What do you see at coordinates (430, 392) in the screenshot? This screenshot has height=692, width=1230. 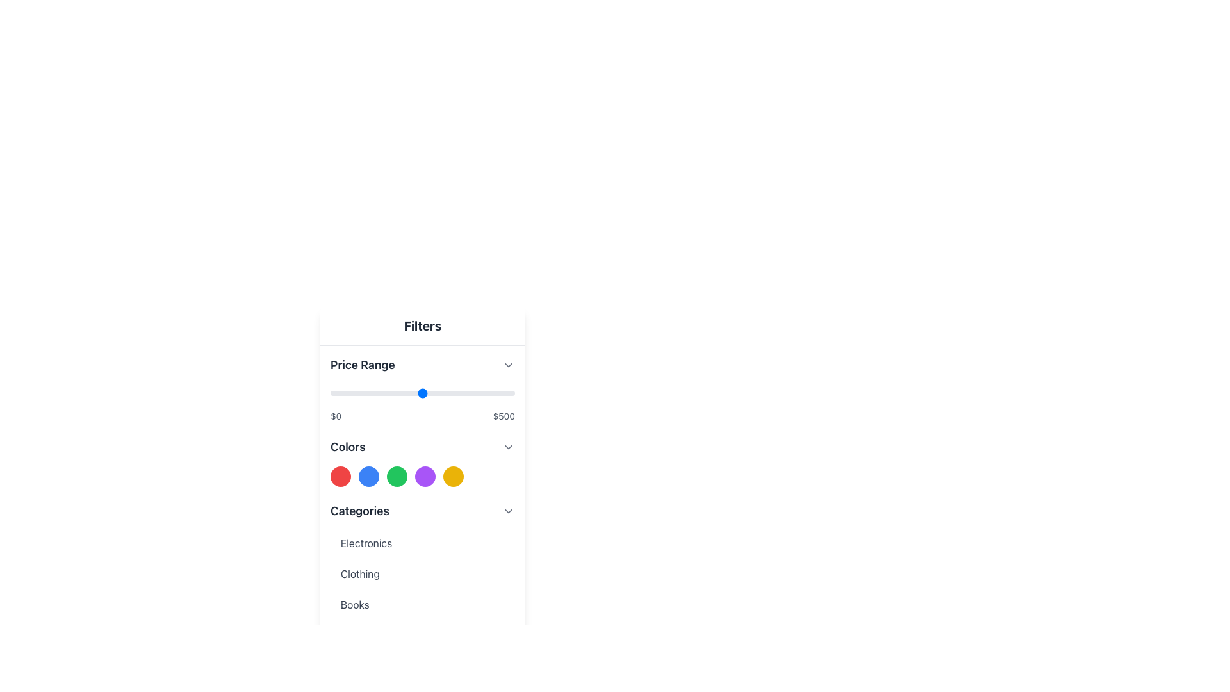 I see `the price range slider` at bounding box center [430, 392].